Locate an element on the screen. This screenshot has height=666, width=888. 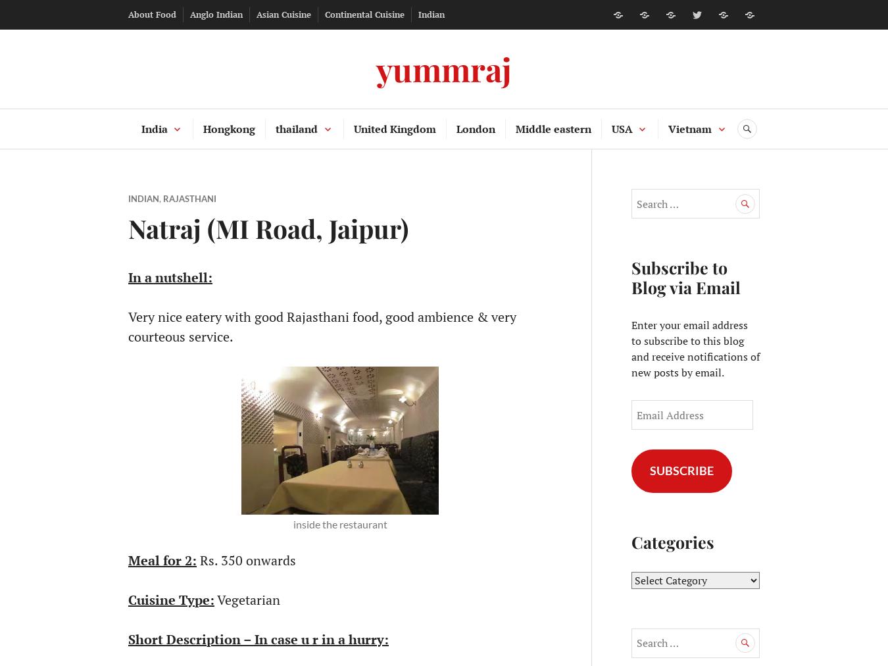
'yummraj' is located at coordinates (444, 68).